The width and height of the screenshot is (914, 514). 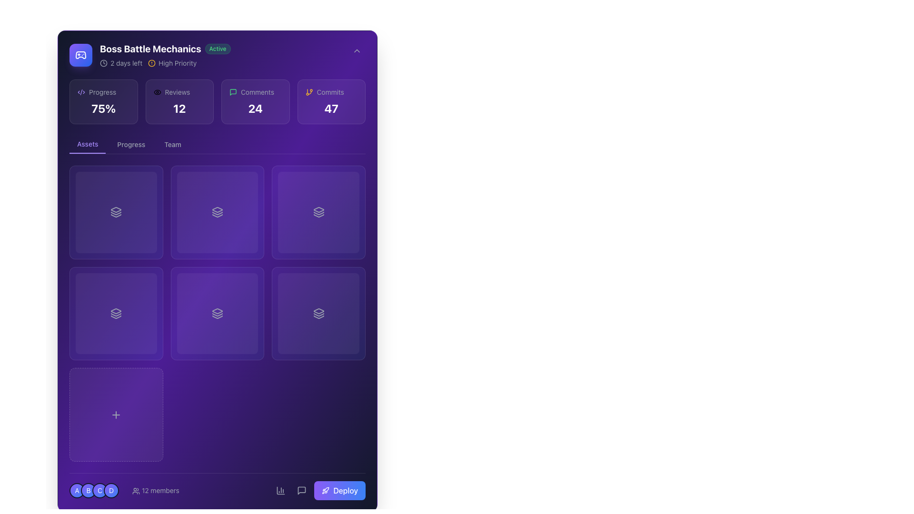 What do you see at coordinates (217, 145) in the screenshot?
I see `the 'Assets' tab in the Tab navigation component, which is visually highlighted with a violet underline` at bounding box center [217, 145].